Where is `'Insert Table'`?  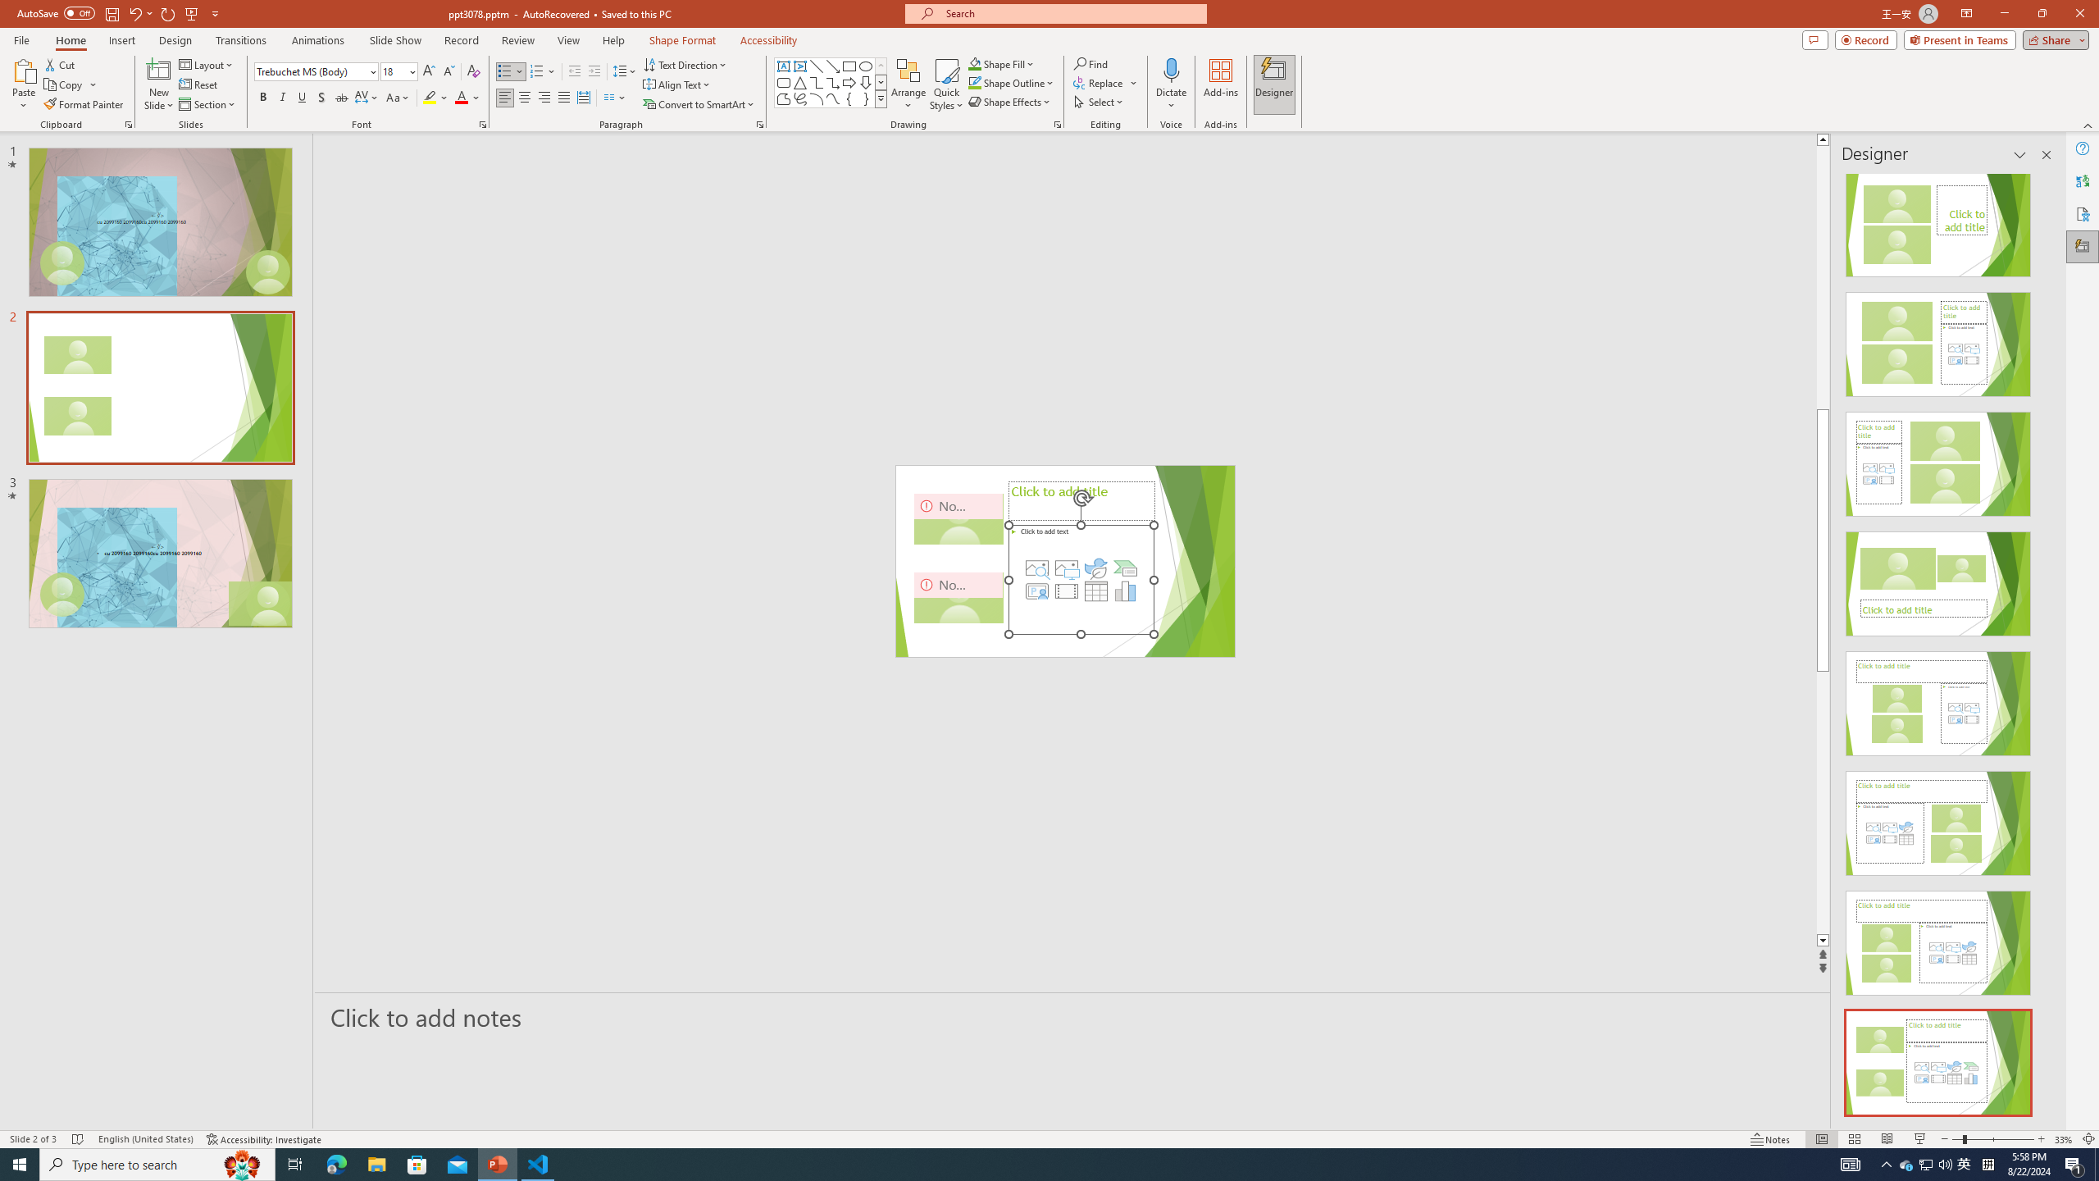 'Insert Table' is located at coordinates (1096, 590).